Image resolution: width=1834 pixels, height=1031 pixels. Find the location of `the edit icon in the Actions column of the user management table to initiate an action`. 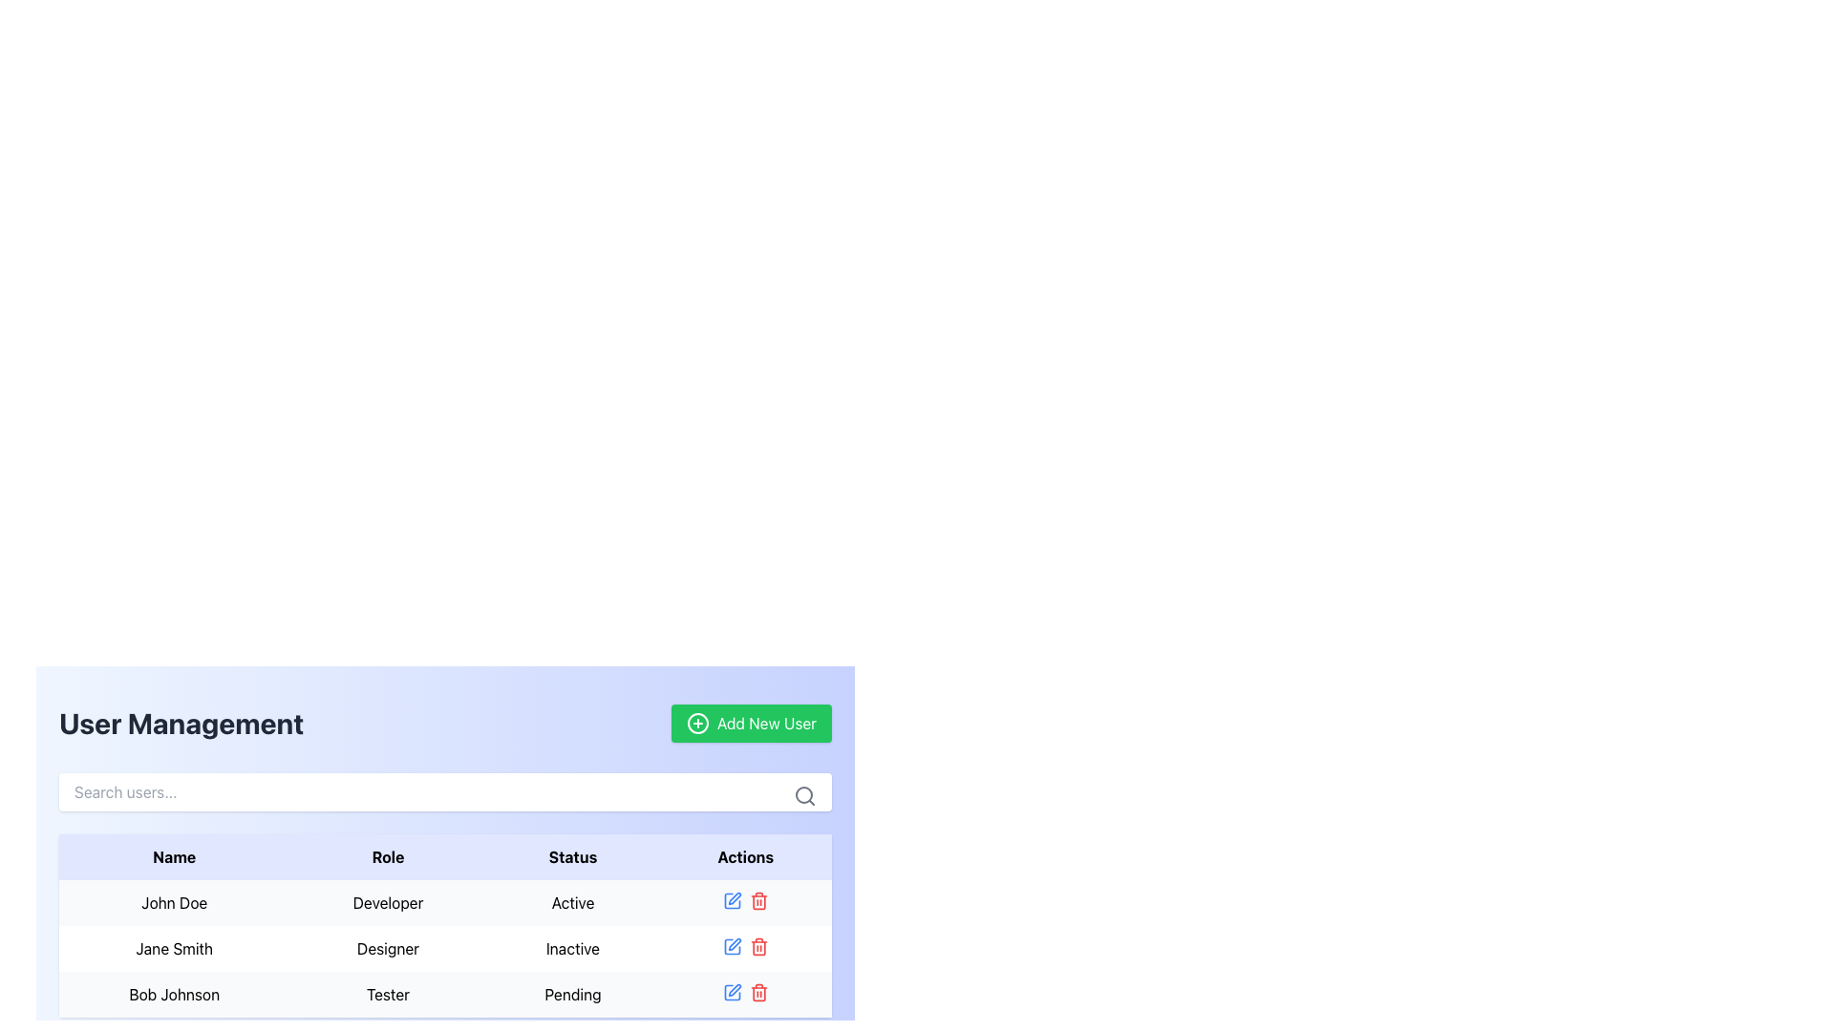

the edit icon in the Actions column of the user management table to initiate an action is located at coordinates (733, 942).